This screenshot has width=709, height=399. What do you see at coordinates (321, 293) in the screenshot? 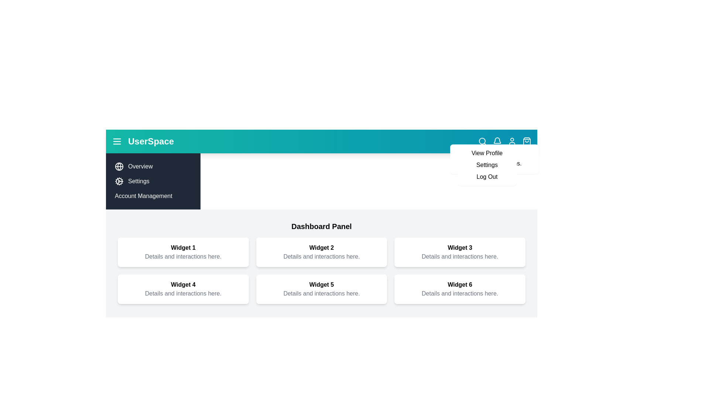
I see `the text label displaying 'Details and interactions here.' located under the bold title 'Widget 5' in the middle column of the bottom row of a grid layout` at bounding box center [321, 293].